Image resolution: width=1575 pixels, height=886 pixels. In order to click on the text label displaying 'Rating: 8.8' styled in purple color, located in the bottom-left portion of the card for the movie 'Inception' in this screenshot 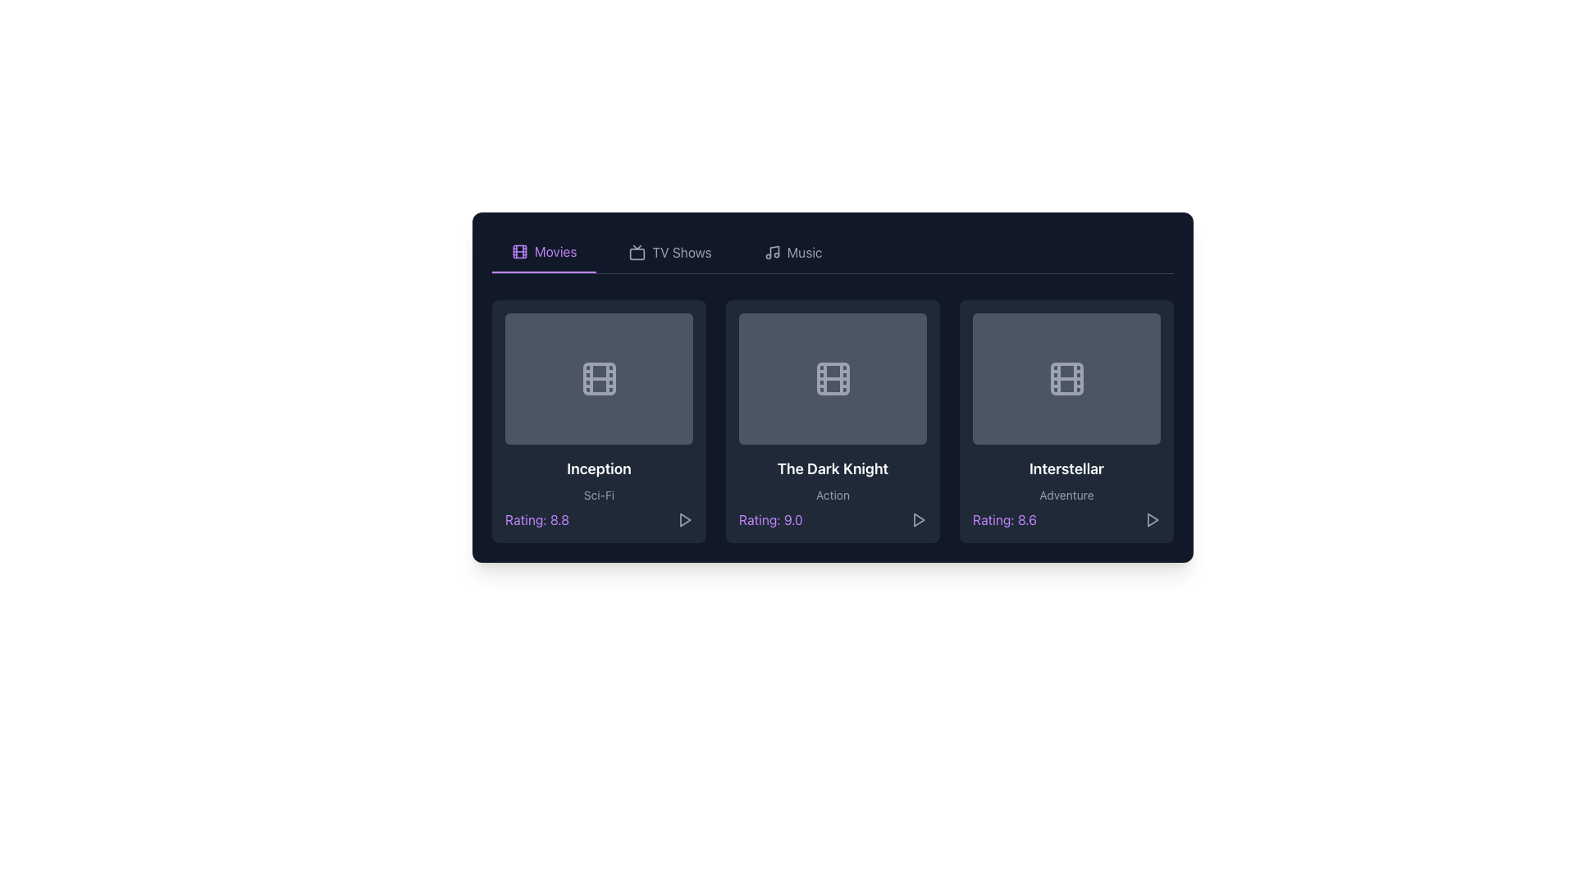, I will do `click(537, 519)`.